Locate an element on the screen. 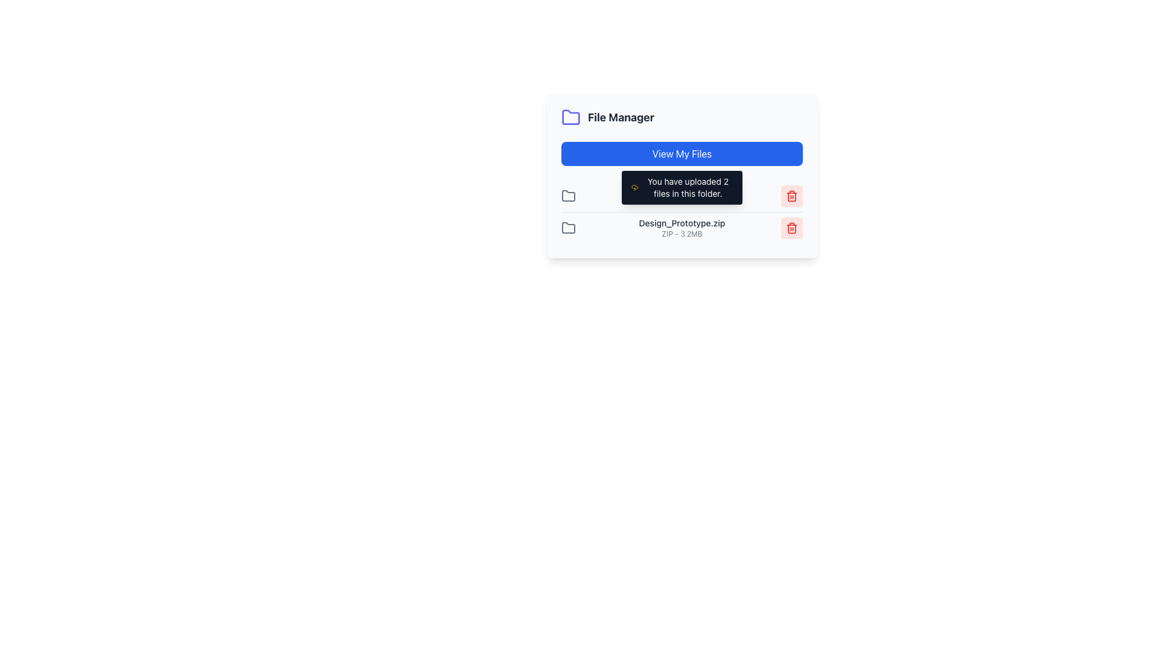 This screenshot has height=652, width=1159. the notification text that says 'You have uploaded 2 files in this folder.' with a cloud upload icon on the left, which is styled in white text on a black background is located at coordinates (682, 188).